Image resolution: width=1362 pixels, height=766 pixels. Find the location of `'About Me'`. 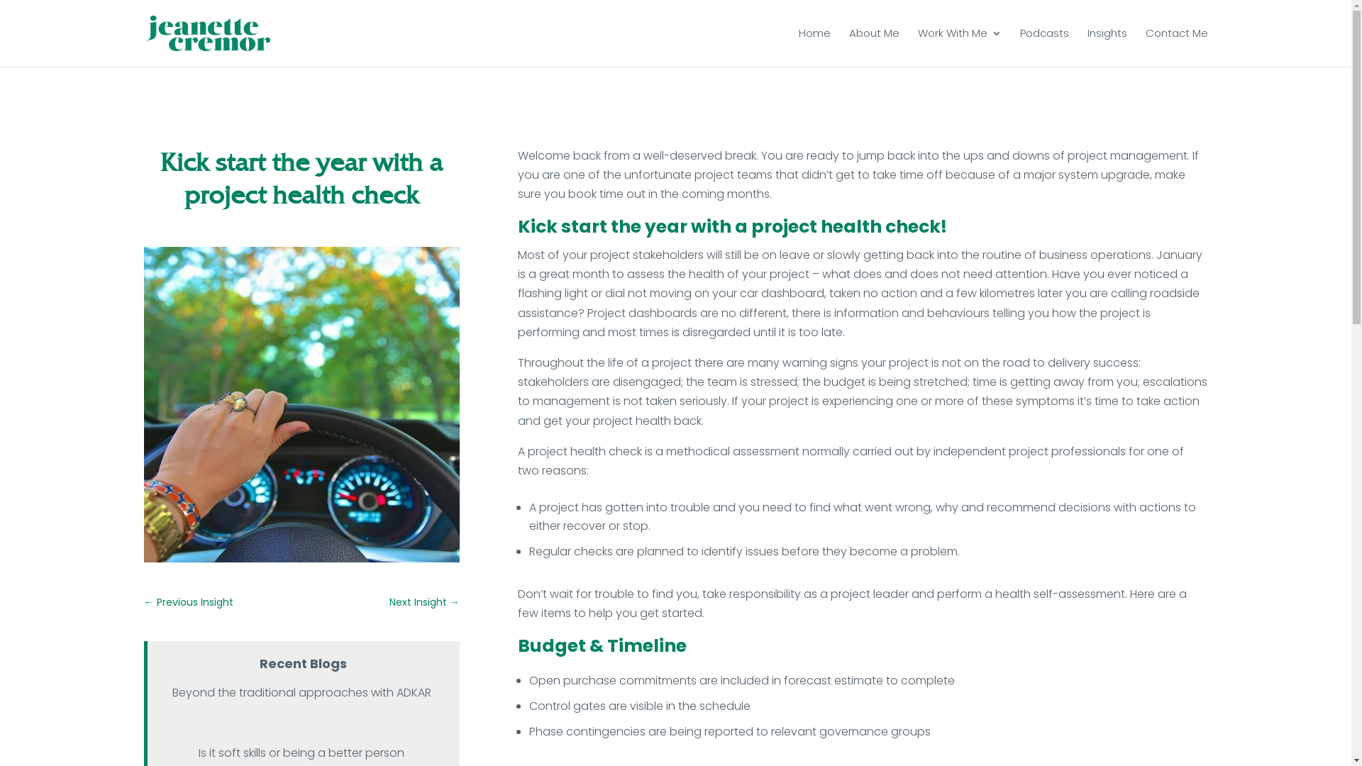

'About Me' is located at coordinates (873, 43).